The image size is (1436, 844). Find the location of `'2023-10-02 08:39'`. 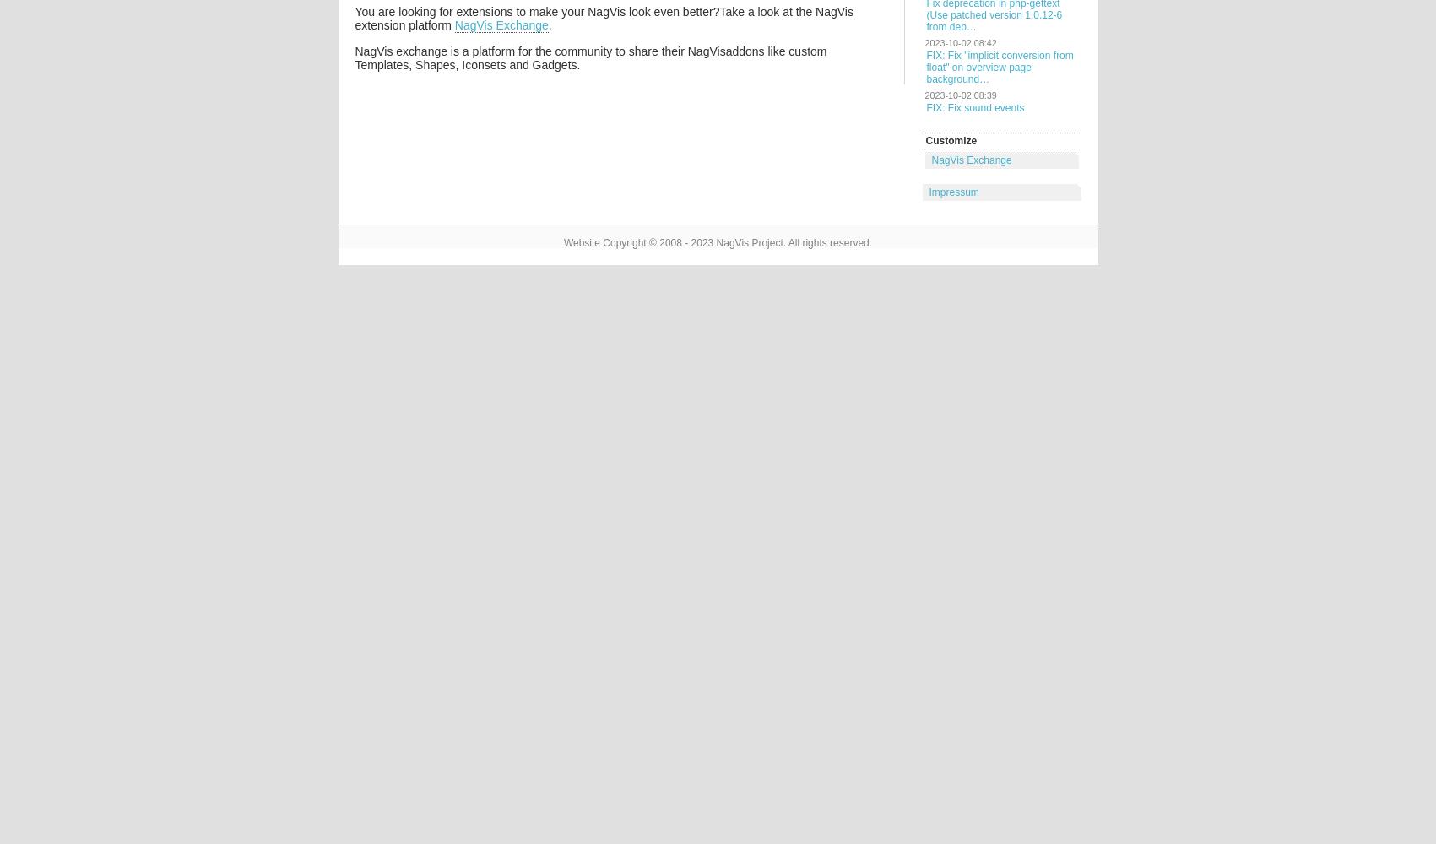

'2023-10-02 08:39' is located at coordinates (959, 95).